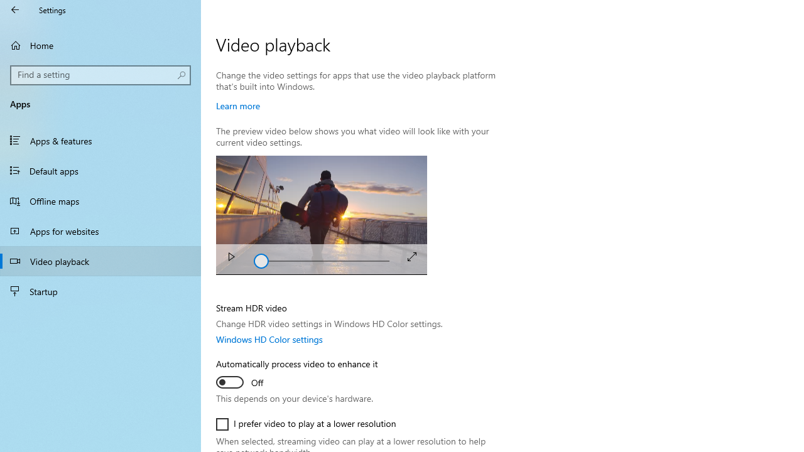 This screenshot has width=804, height=452. Describe the element at coordinates (100, 260) in the screenshot. I see `'Video playback'` at that location.